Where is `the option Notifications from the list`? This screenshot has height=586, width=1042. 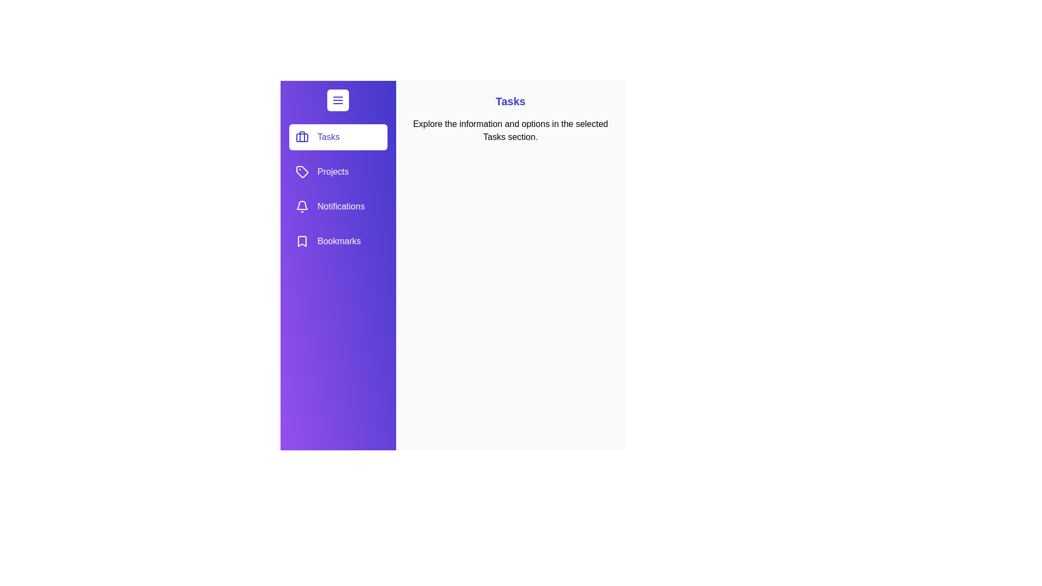
the option Notifications from the list is located at coordinates (338, 207).